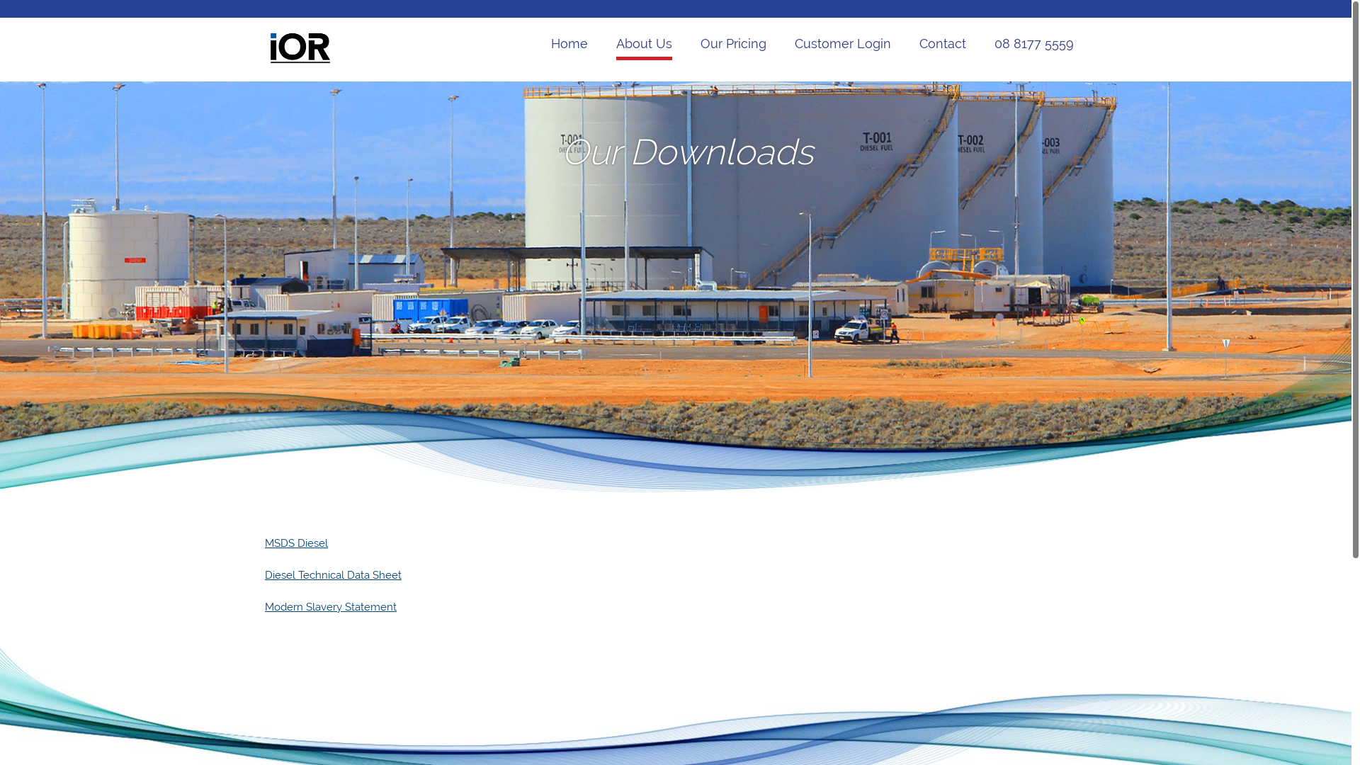 The image size is (1360, 765). What do you see at coordinates (295, 543) in the screenshot?
I see `'MSDS Diesel'` at bounding box center [295, 543].